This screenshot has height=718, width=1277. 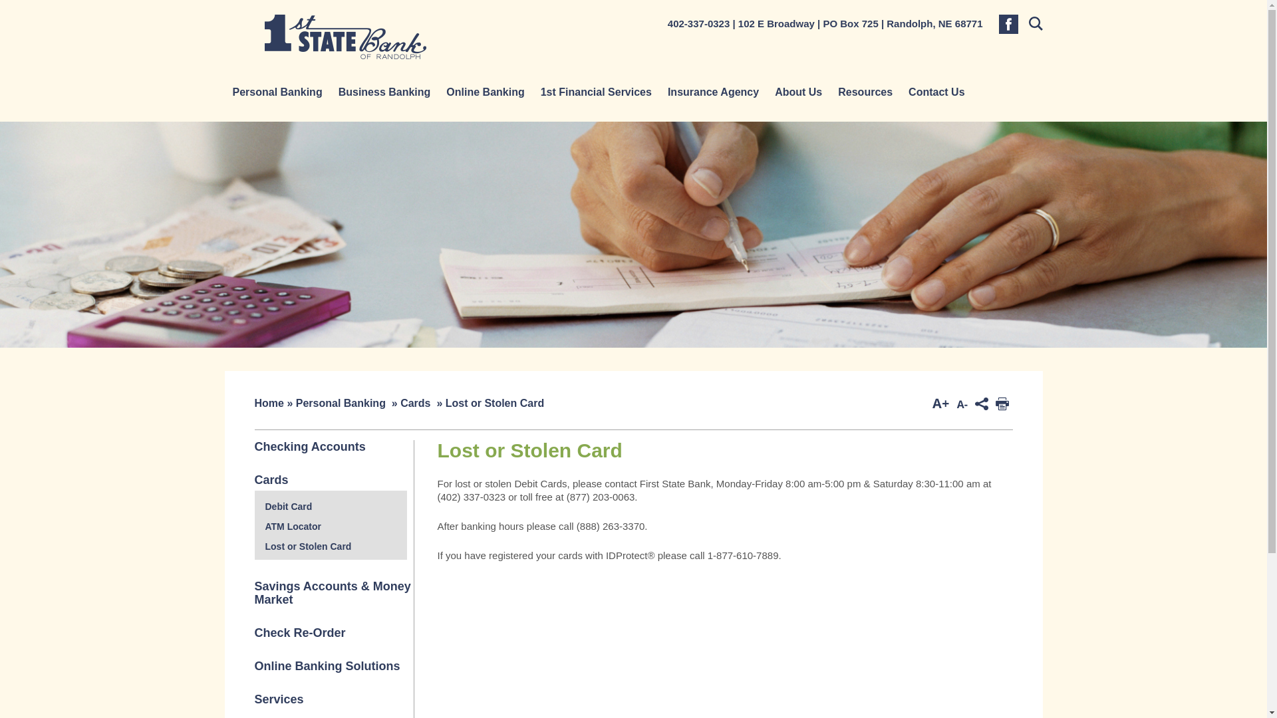 What do you see at coordinates (277, 91) in the screenshot?
I see `'Personal Banking'` at bounding box center [277, 91].